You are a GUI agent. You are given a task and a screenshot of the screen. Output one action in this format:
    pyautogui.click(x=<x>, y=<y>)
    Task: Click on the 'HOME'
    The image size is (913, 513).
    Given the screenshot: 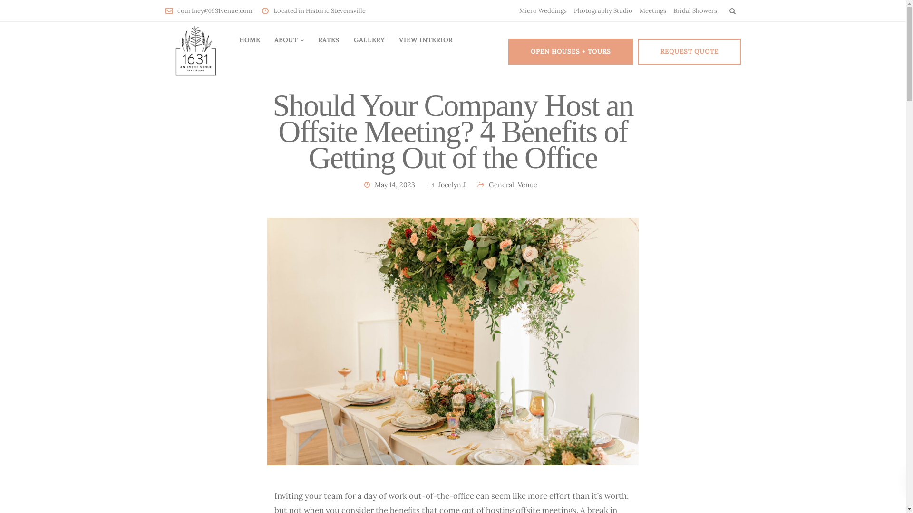 What is the action you would take?
    pyautogui.click(x=249, y=39)
    